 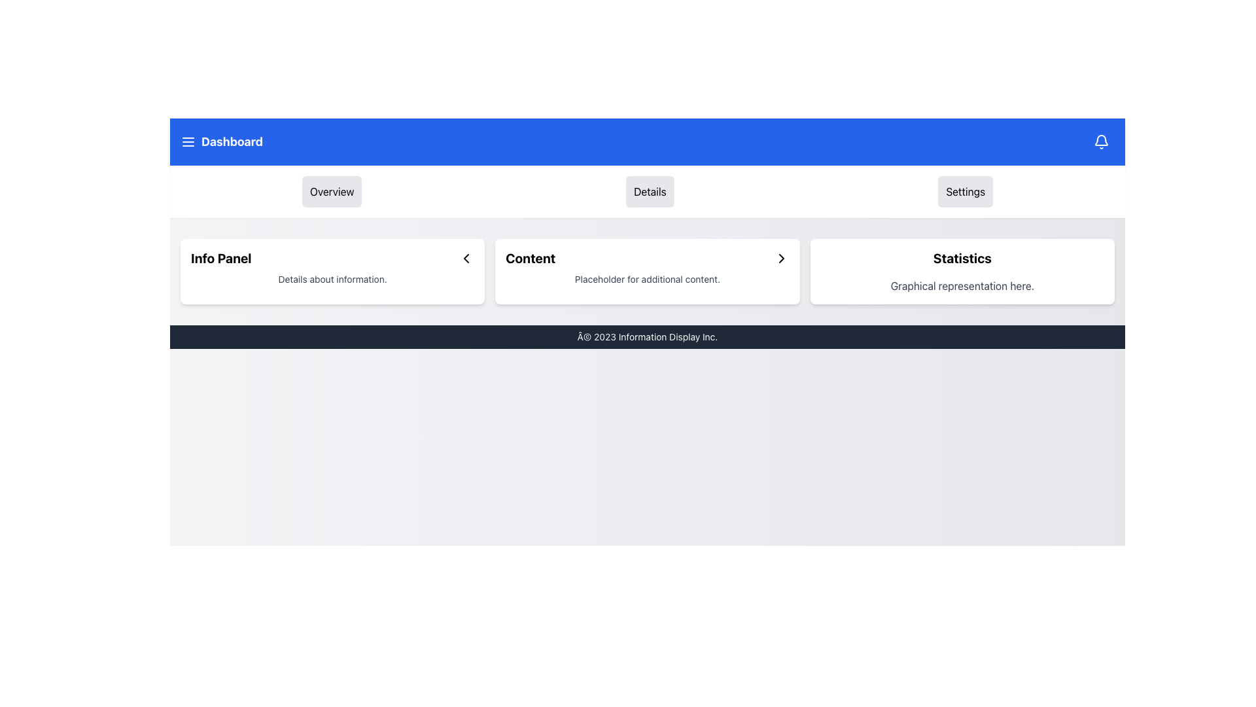 I want to click on content displayed in the middle information display panel located below the blue navigation bar, between the 'Info Panel' and the 'Statistics' panel, so click(x=647, y=271).